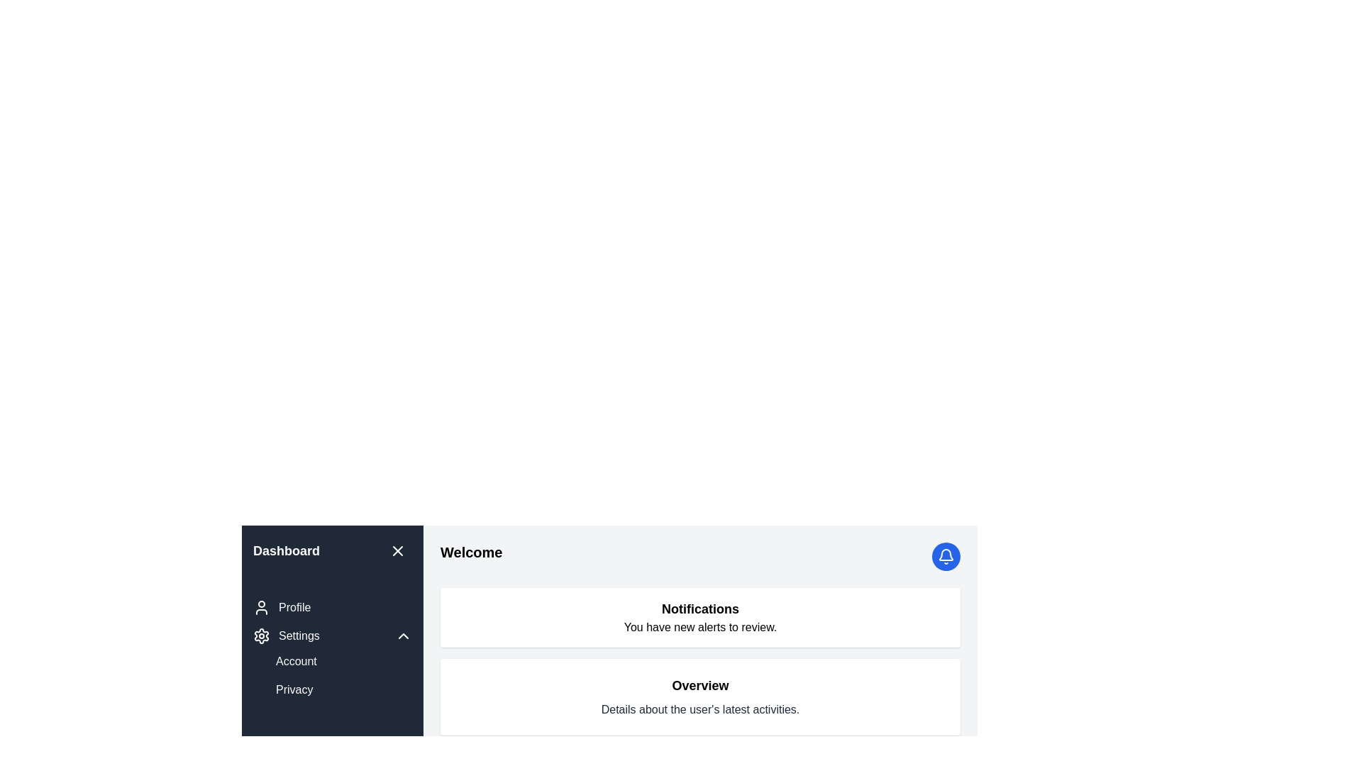 This screenshot has width=1362, height=766. What do you see at coordinates (332, 648) in the screenshot?
I see `the menu group in the left navigation bar` at bounding box center [332, 648].